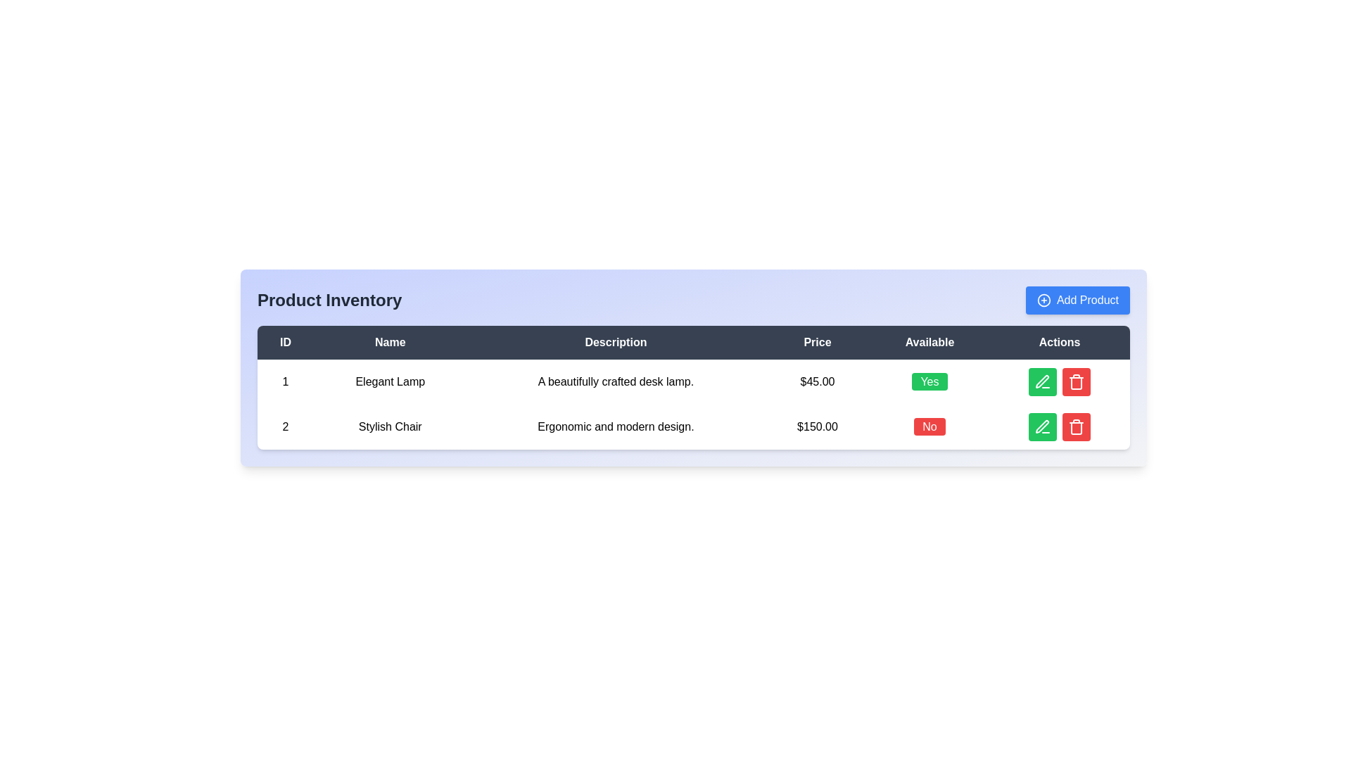 This screenshot has height=760, width=1351. What do you see at coordinates (1076, 426) in the screenshot?
I see `the trash can icon within the rounded rectangular button in the Actions column of the table for the 'Stylish Chair'` at bounding box center [1076, 426].